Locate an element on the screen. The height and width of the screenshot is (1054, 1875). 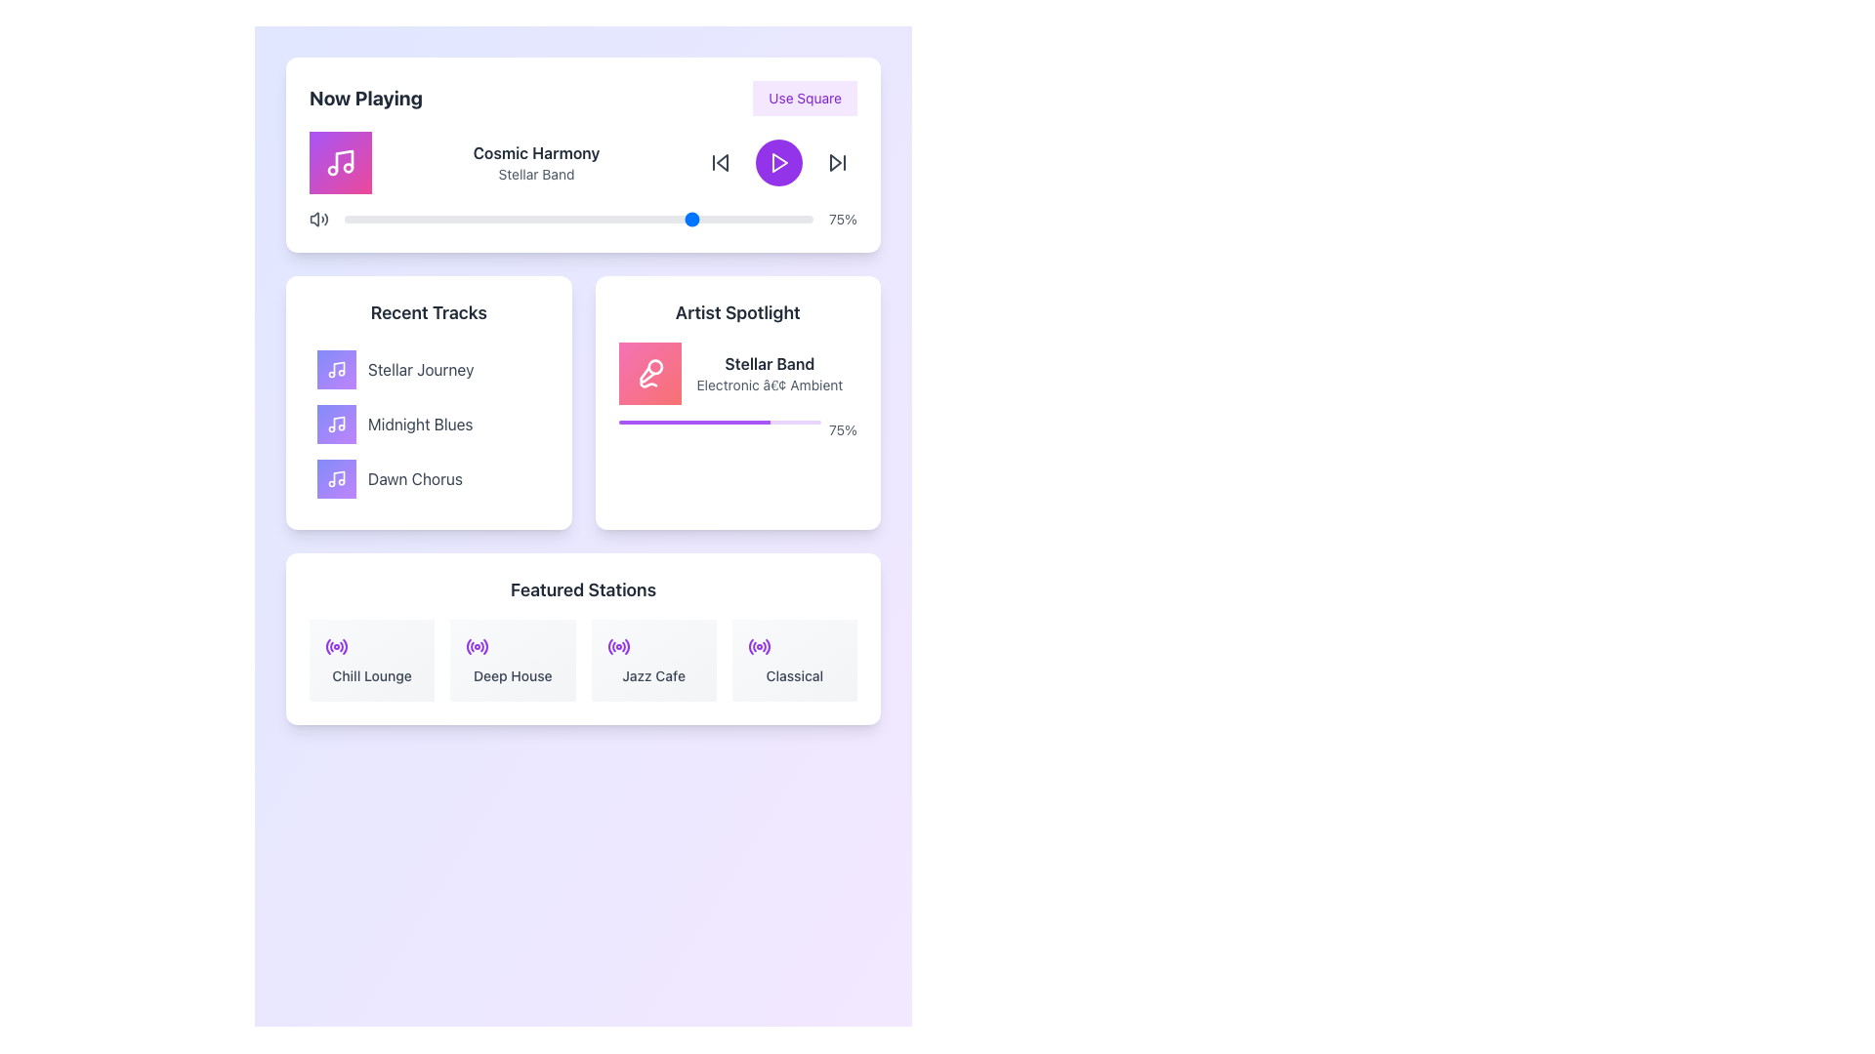
the outer arc of the circle icon representing 'Jazz Cafe' in the 'Featured Stations' section to understand its meaning is located at coordinates (608, 647).